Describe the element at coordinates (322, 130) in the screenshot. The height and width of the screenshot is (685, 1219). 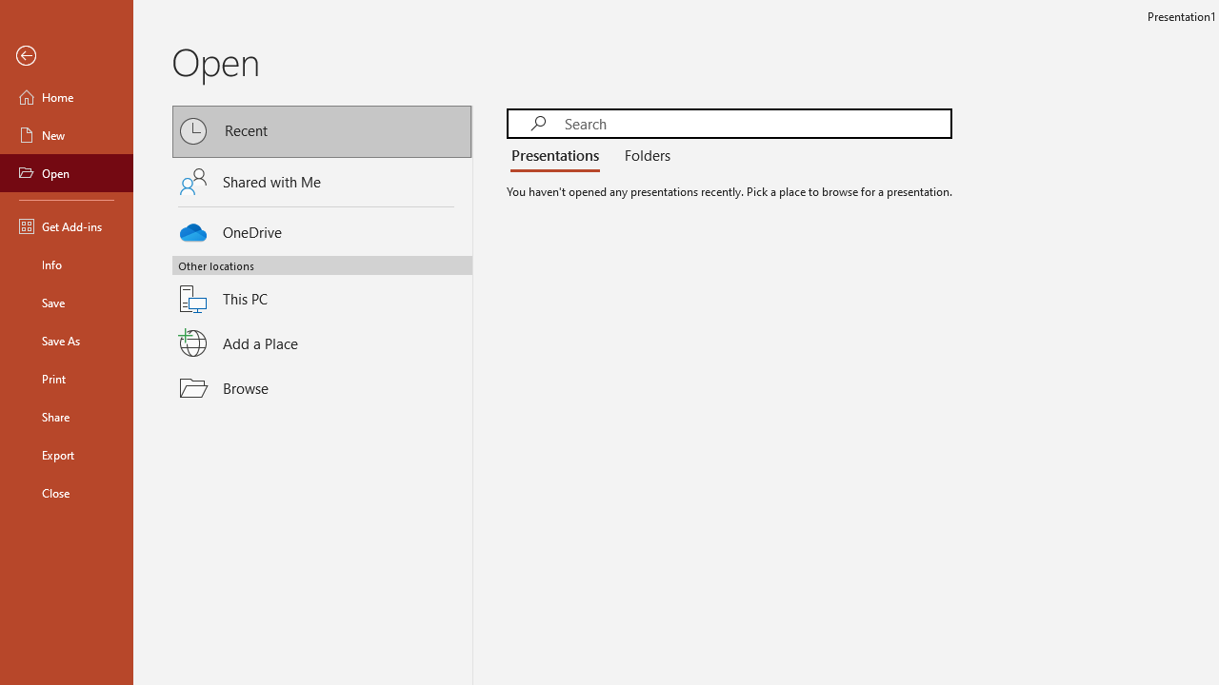
I see `'Recent'` at that location.